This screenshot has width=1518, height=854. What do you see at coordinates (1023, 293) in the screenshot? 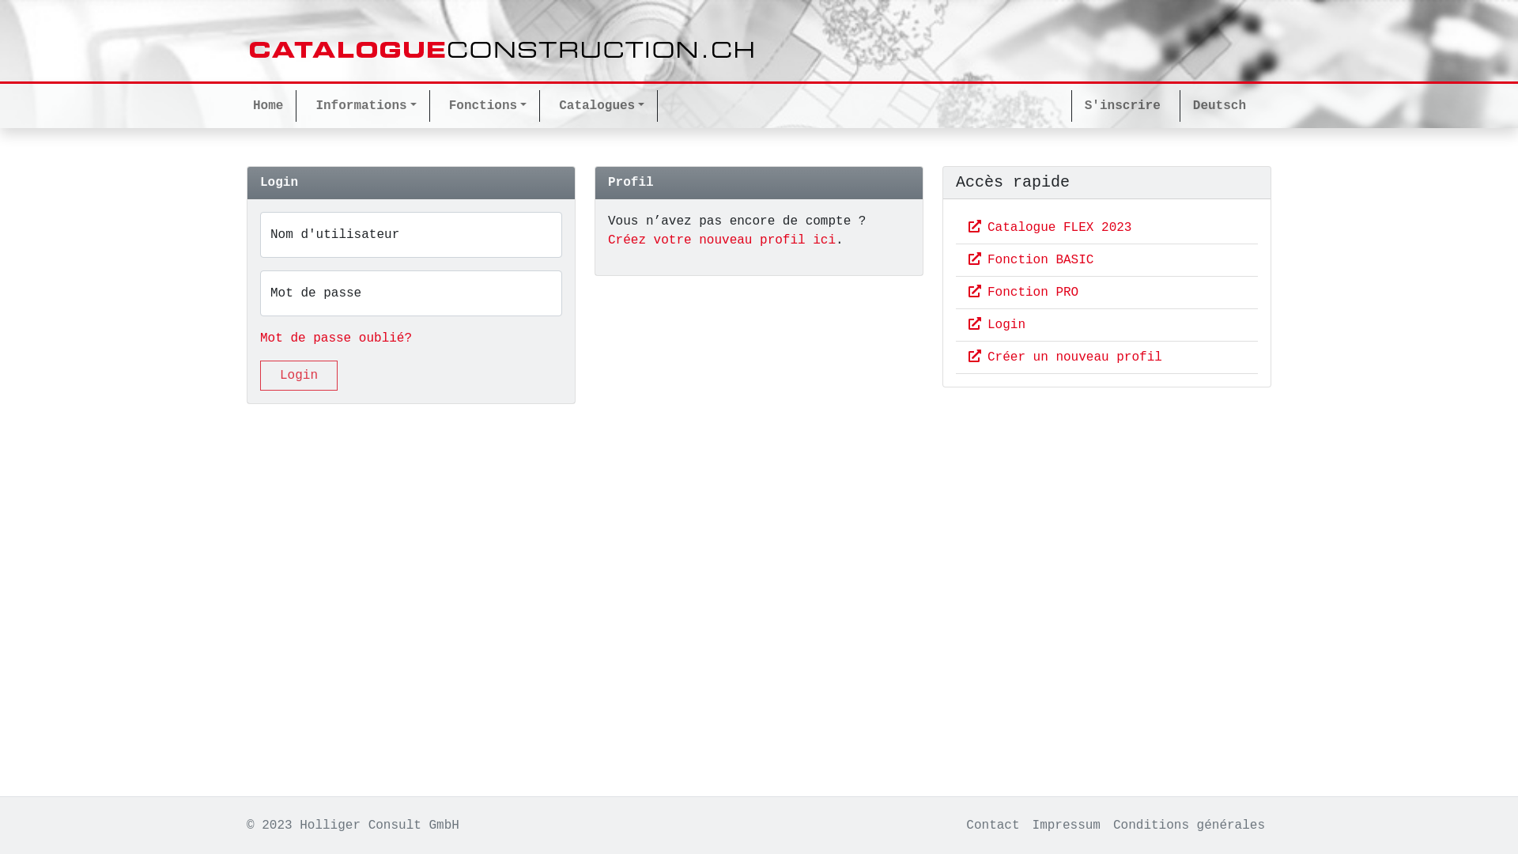
I see `'Fonction PRO'` at bounding box center [1023, 293].